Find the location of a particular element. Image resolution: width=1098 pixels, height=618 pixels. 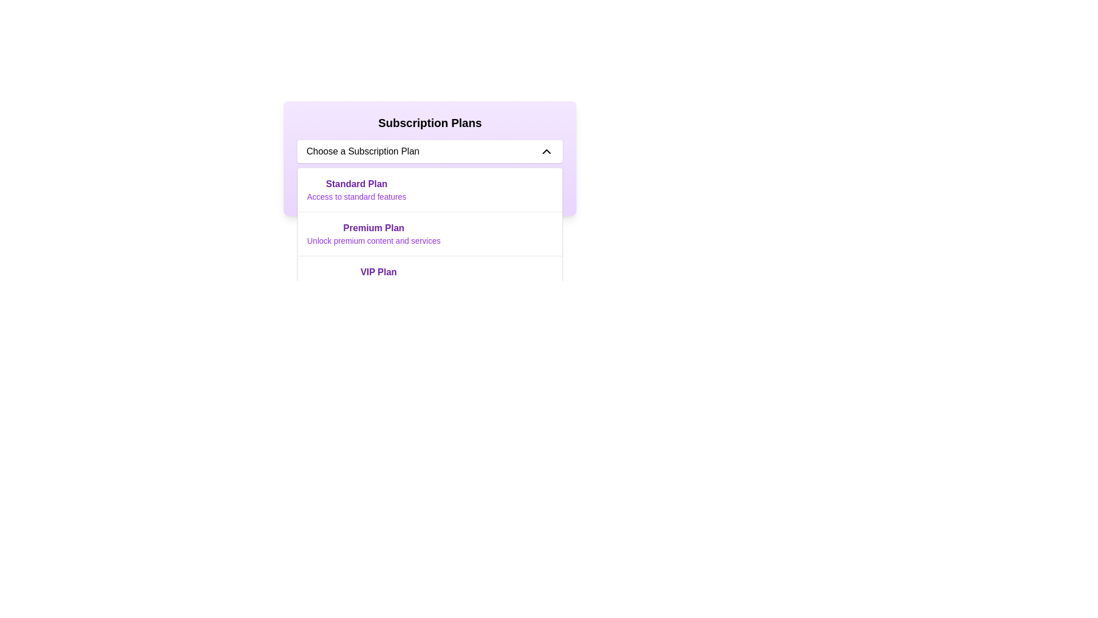

the text label that describes the 'Standard Plan', which is located immediately below the 'Standard Plan' text and is centered within the subscription plan options in the dropdown menu is located at coordinates (356, 196).